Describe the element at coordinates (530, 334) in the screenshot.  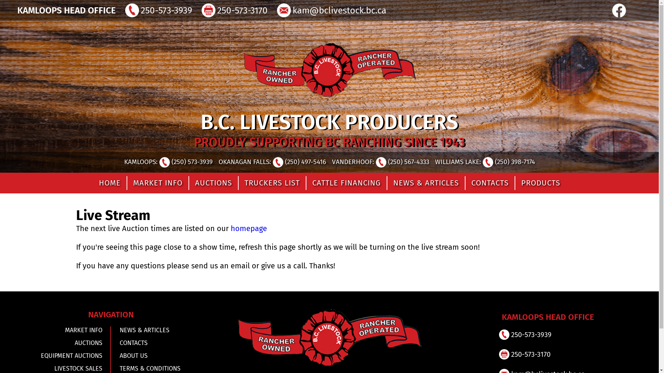
I see `'250-573-3939'` at that location.